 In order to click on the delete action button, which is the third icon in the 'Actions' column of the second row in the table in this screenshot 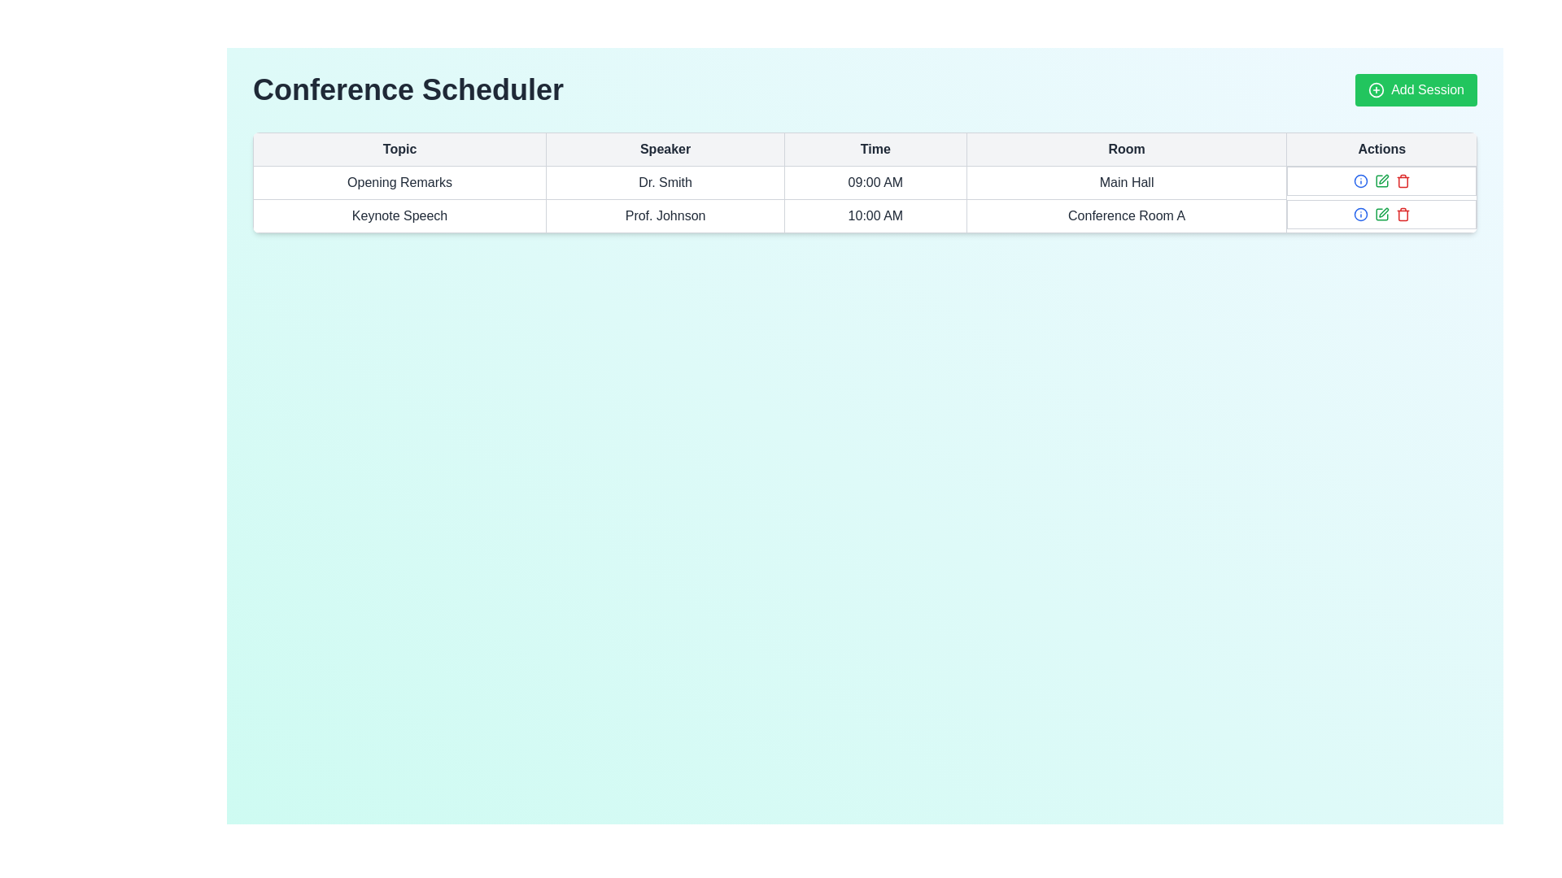, I will do `click(1402, 213)`.